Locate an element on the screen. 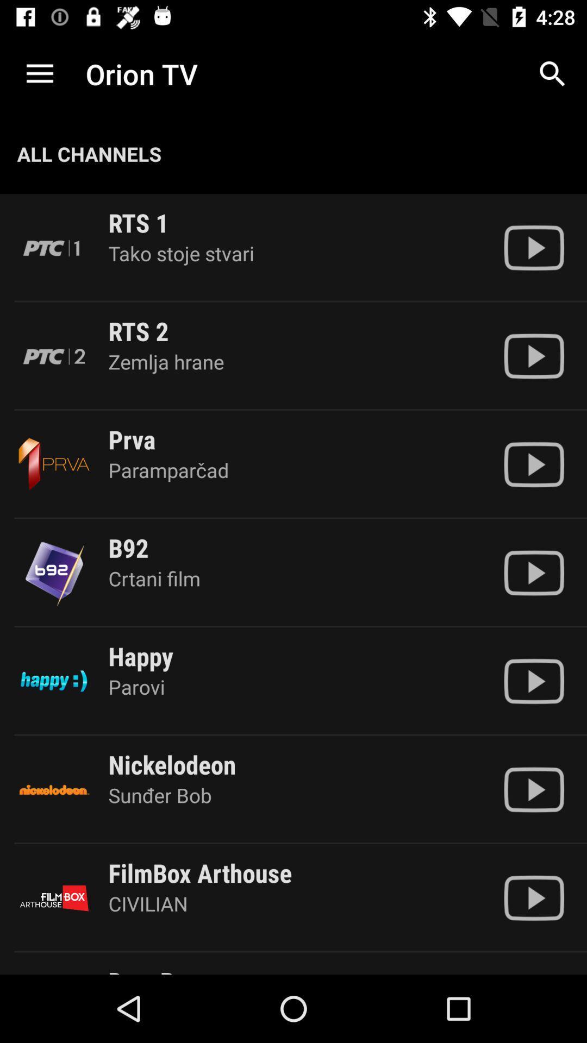 Image resolution: width=587 pixels, height=1043 pixels. channel is located at coordinates (533, 572).